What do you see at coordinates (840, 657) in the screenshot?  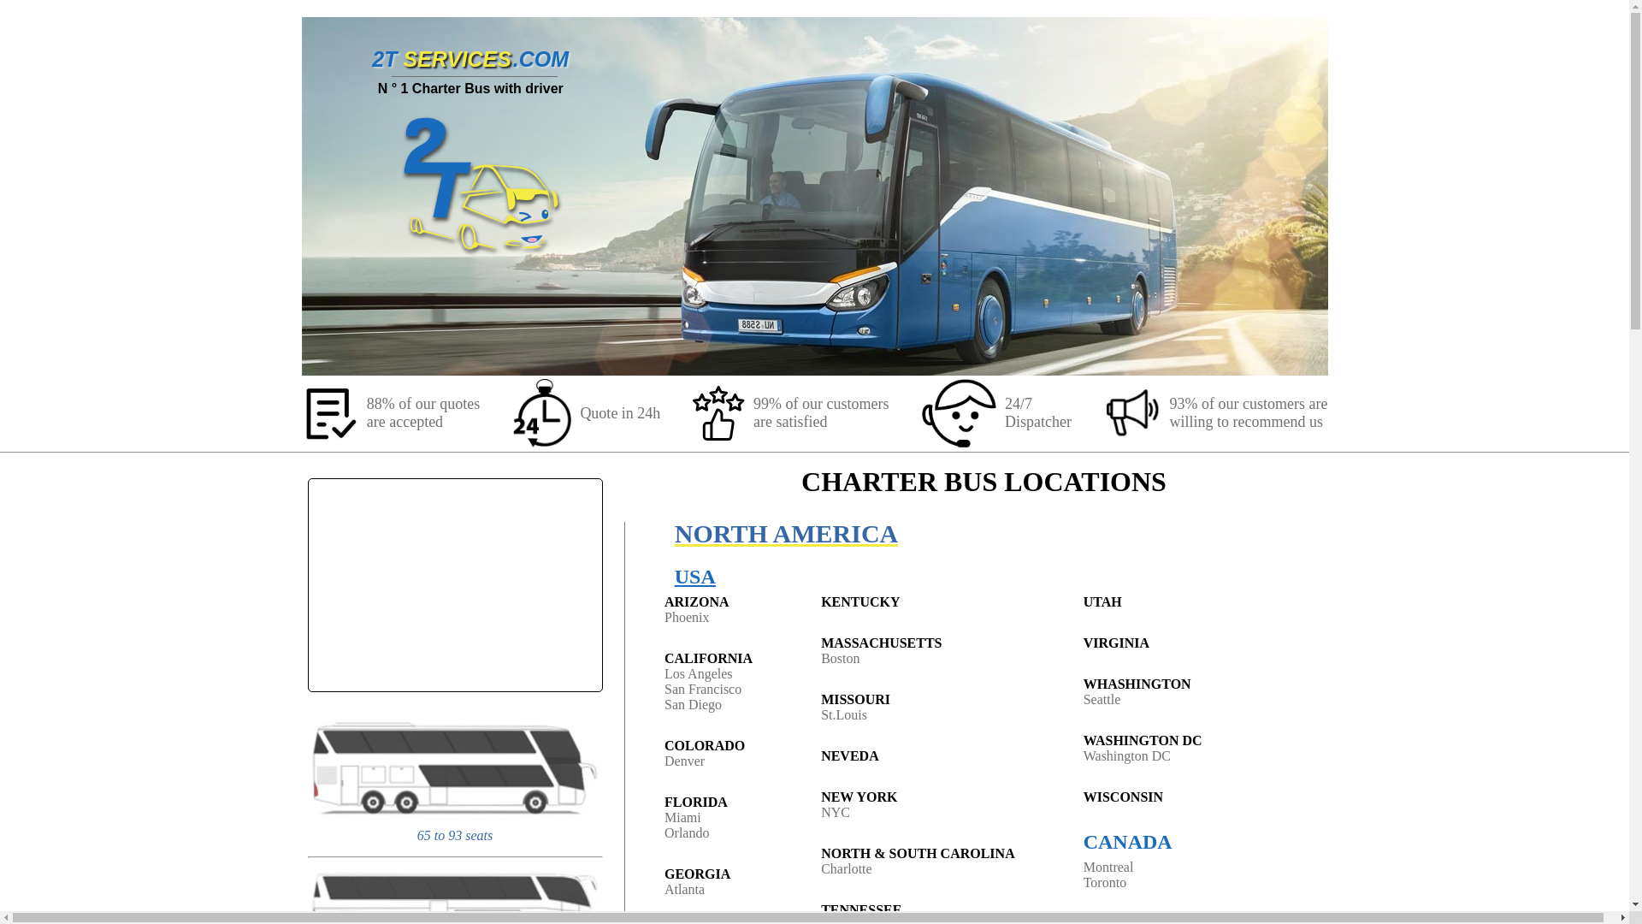 I see `'Boston'` at bounding box center [840, 657].